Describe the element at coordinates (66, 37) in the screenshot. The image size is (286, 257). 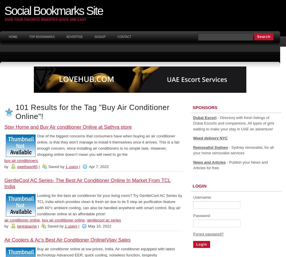
I see `'Advertise'` at that location.